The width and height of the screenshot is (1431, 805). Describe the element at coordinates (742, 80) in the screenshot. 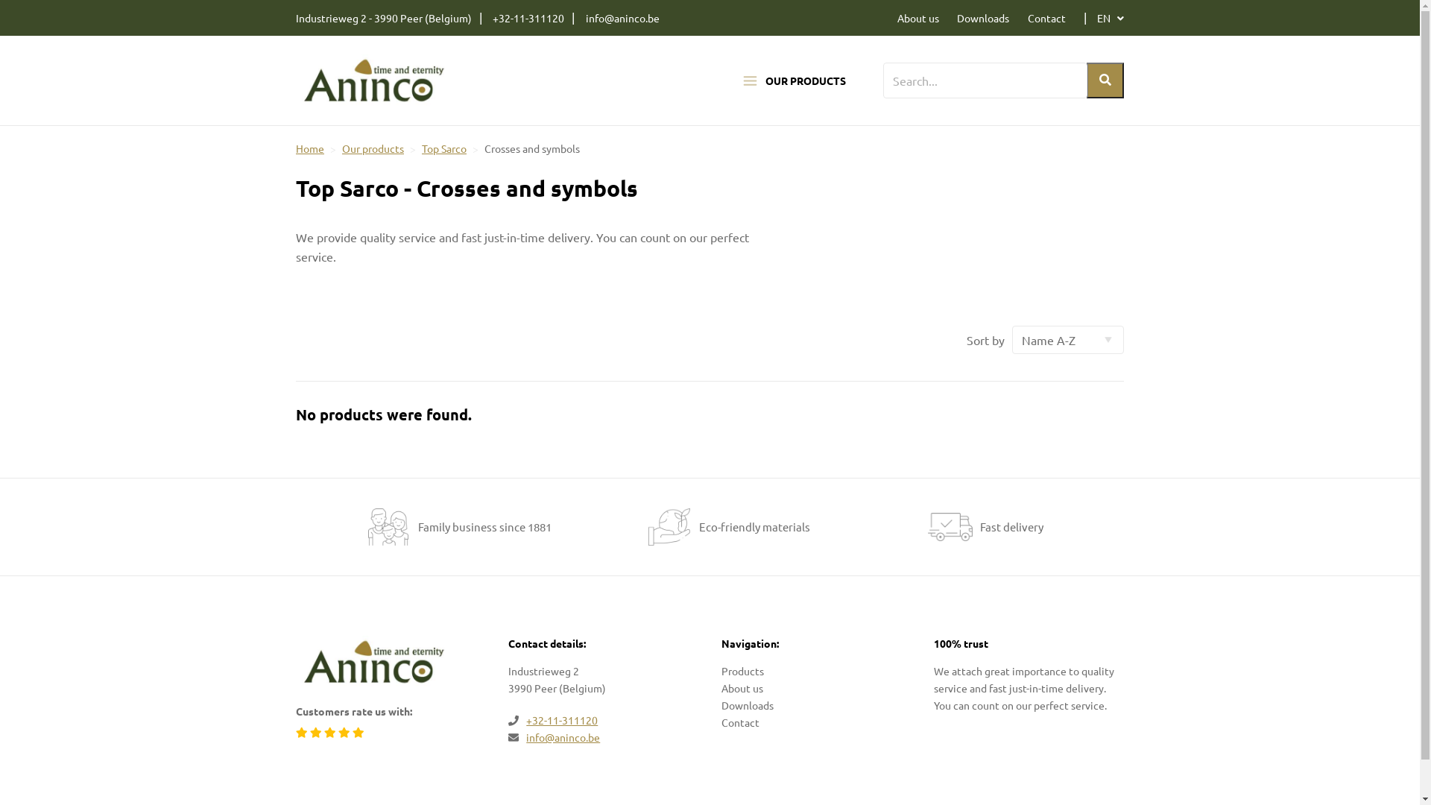

I see `'OUR PRODUCTS'` at that location.